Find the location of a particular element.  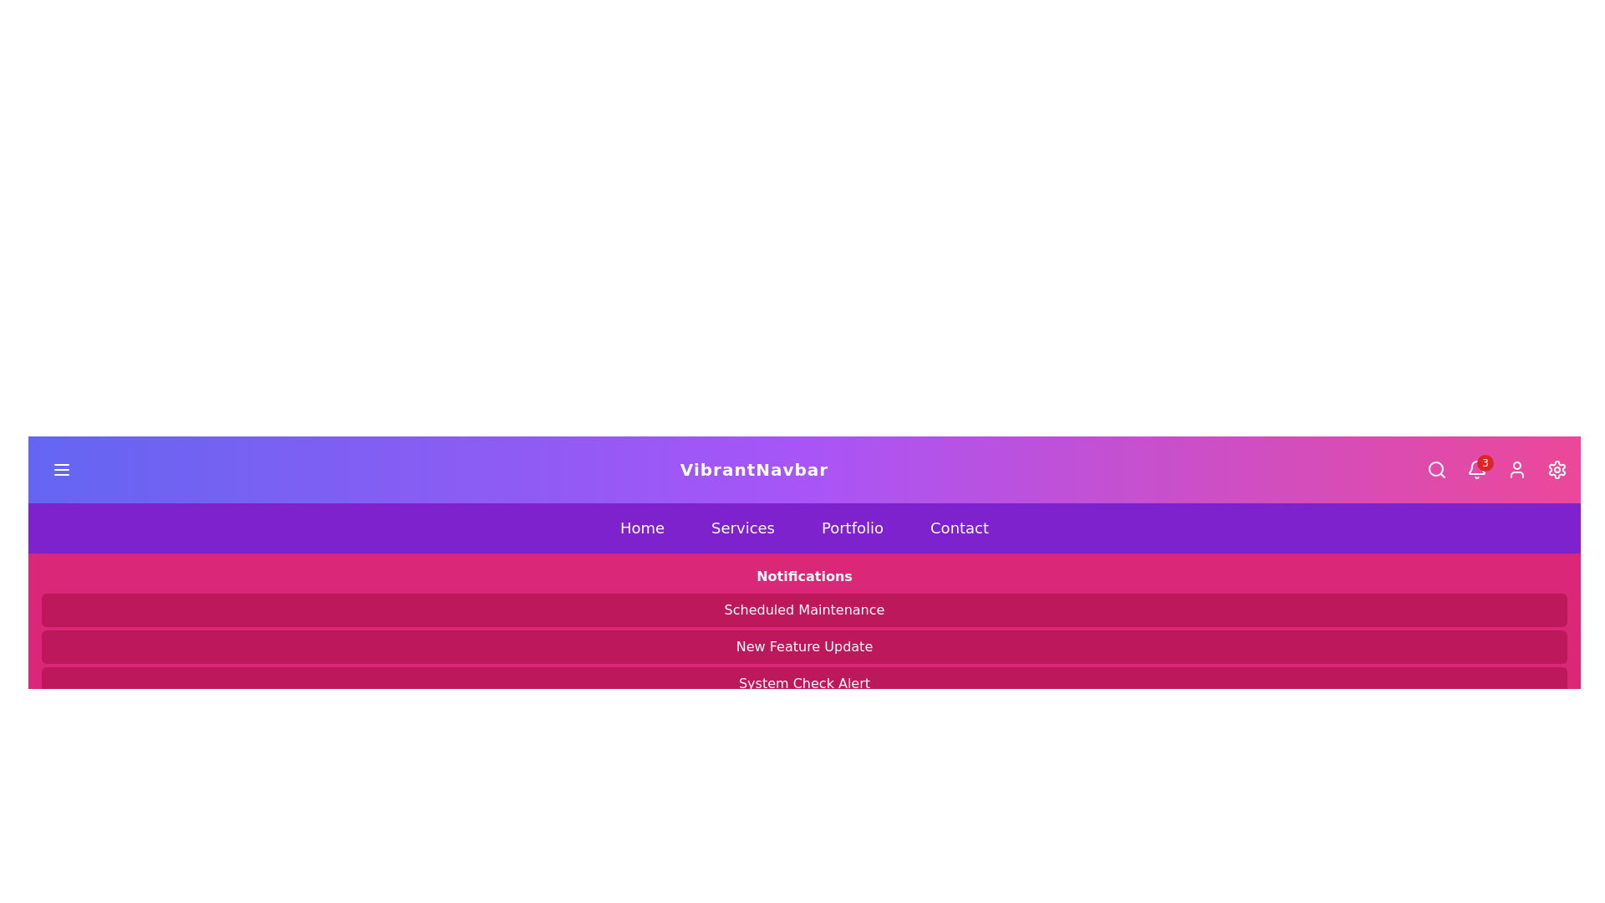

the 'Services' button, which is a purple rectangular button with white text, to trigger the visual hover effect is located at coordinates (741, 528).